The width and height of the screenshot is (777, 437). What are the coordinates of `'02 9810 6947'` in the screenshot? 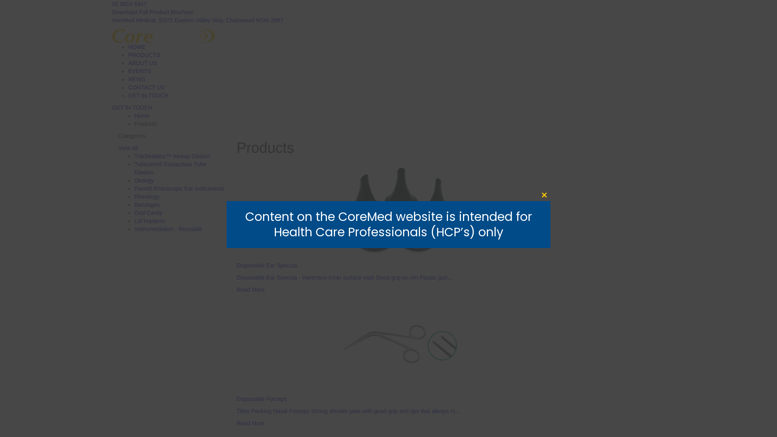 It's located at (129, 4).